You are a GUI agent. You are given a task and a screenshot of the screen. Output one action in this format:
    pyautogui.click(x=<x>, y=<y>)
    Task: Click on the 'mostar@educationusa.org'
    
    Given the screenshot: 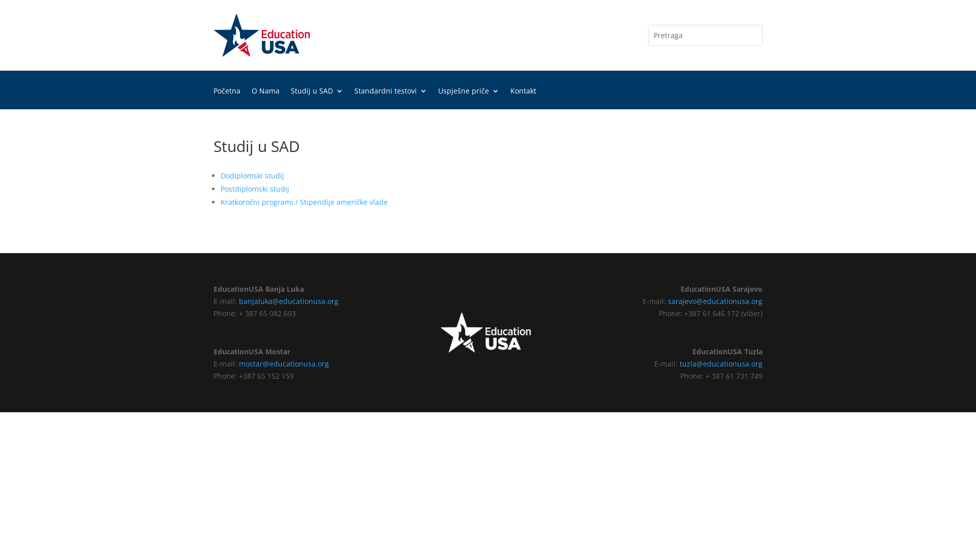 What is the action you would take?
    pyautogui.click(x=284, y=363)
    